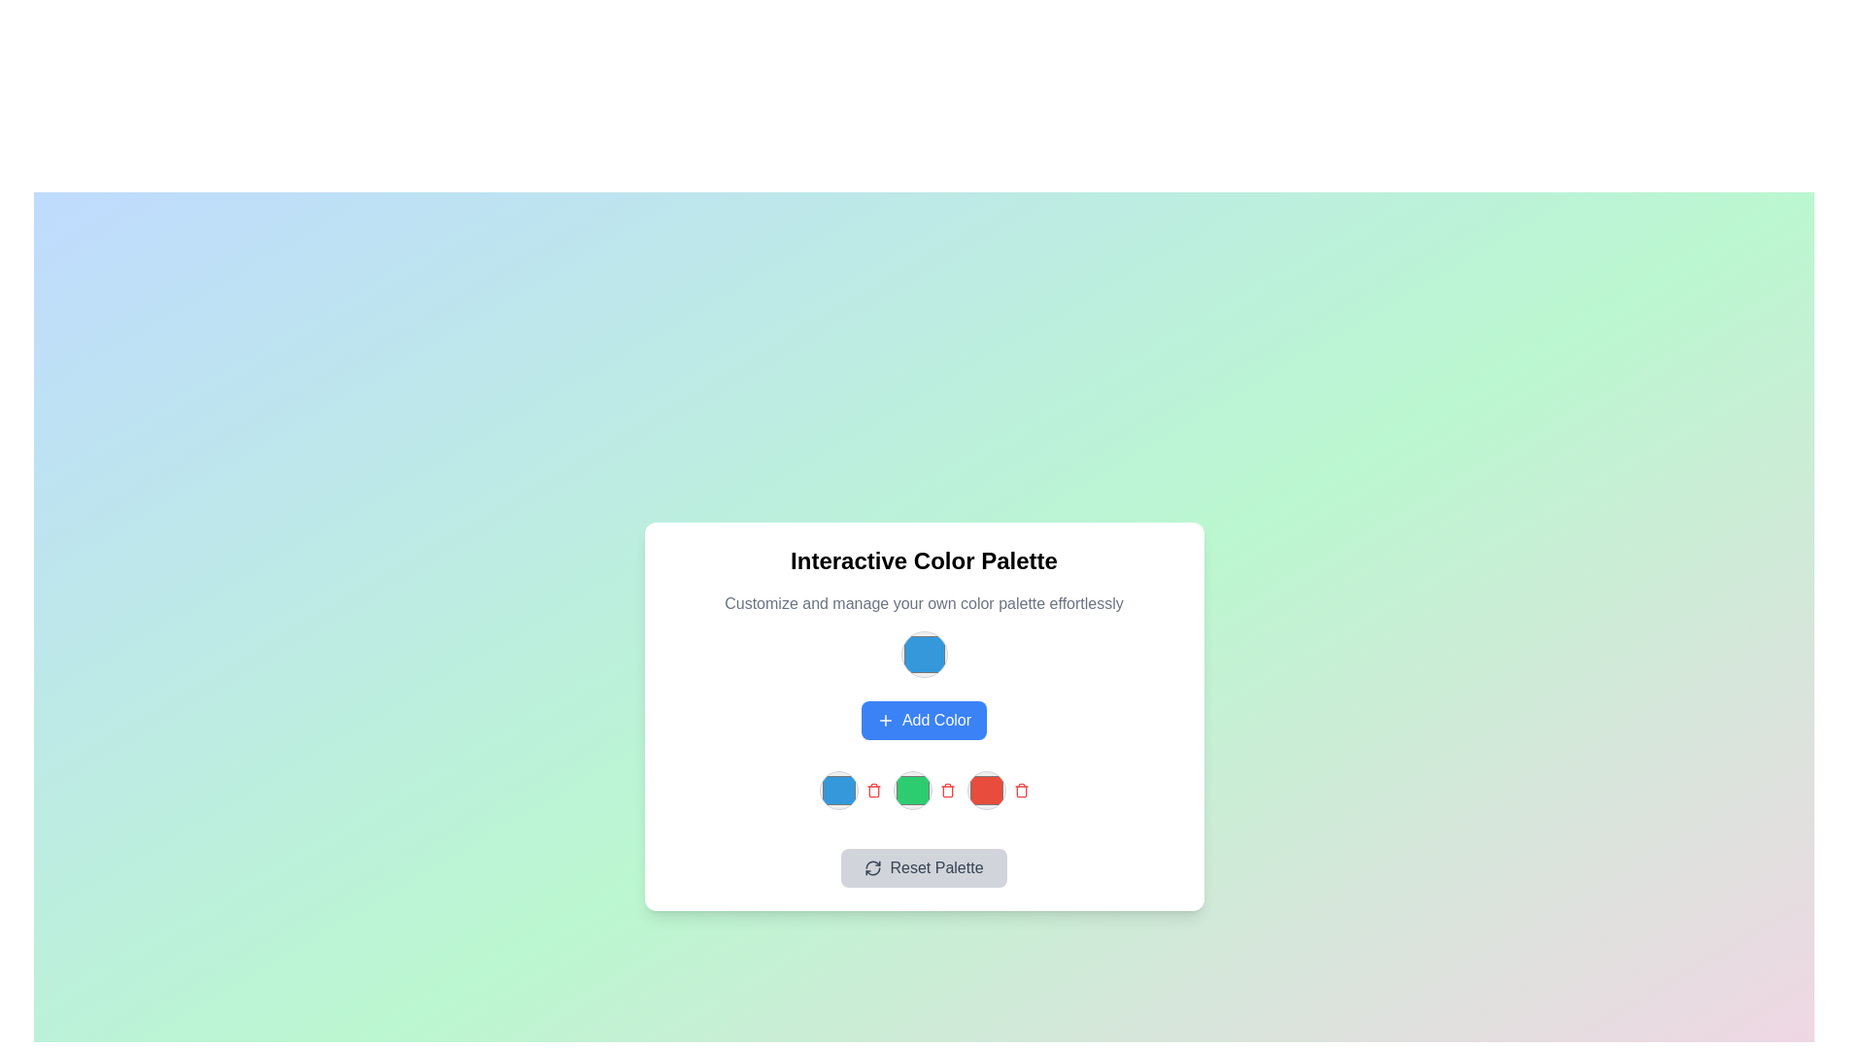  I want to click on the colors in the interactive color palette located beneath the 'Interactive Color Palette' title and above the reset button, so click(923, 716).